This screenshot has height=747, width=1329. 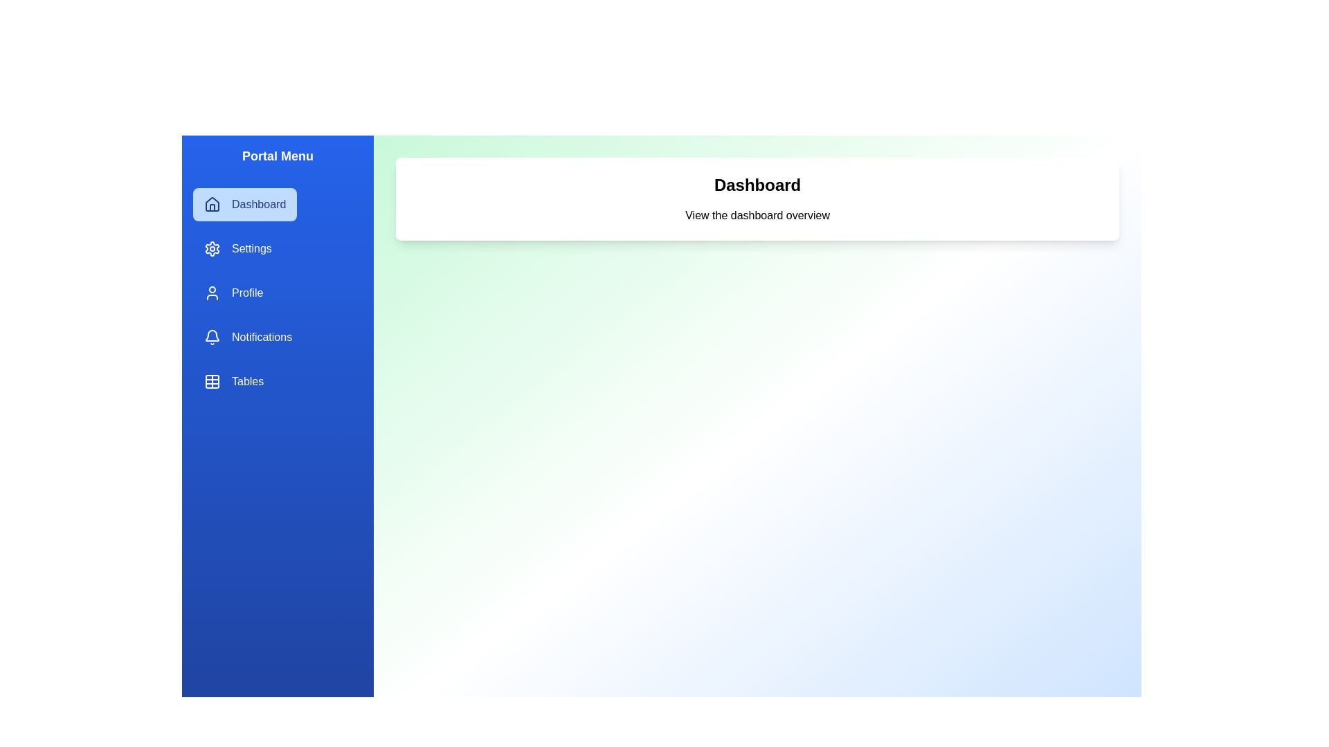 I want to click on the menu option Tables to navigate to the corresponding section, so click(x=233, y=381).